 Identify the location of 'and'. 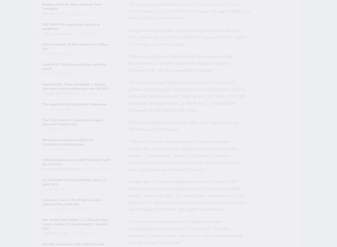
(178, 11).